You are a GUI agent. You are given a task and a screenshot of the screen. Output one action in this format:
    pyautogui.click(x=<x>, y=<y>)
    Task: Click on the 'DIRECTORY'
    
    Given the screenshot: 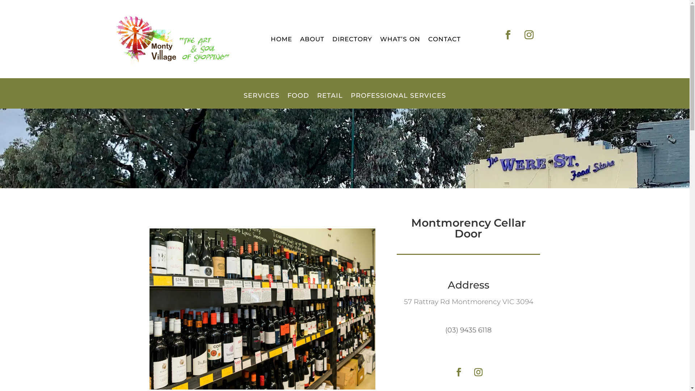 What is the action you would take?
    pyautogui.click(x=332, y=41)
    